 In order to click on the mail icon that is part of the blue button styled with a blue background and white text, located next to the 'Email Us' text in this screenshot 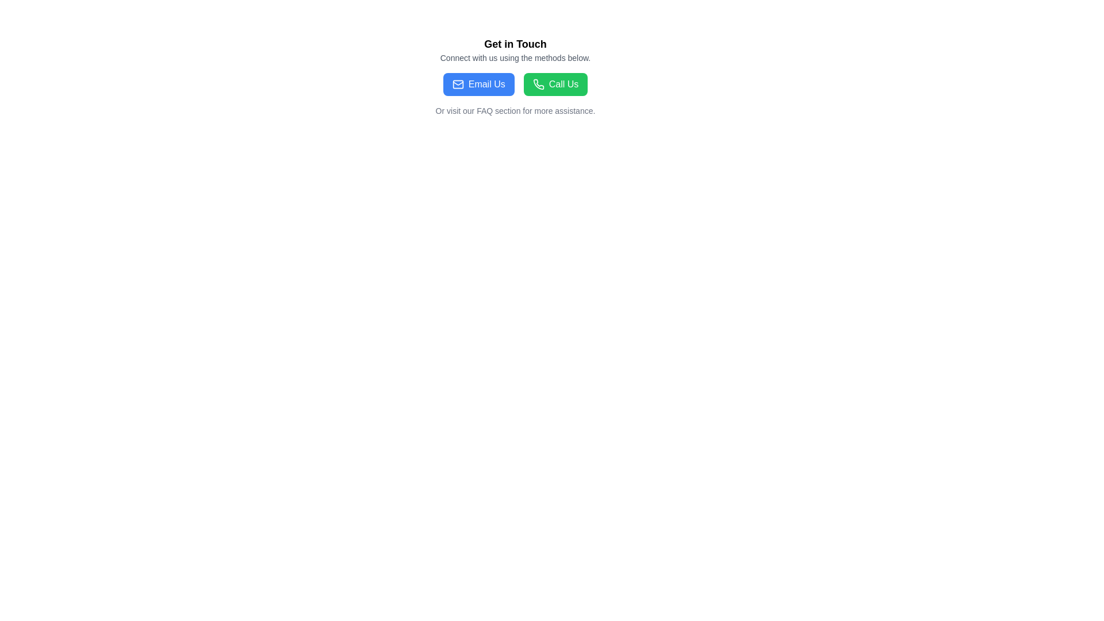, I will do `click(457, 83)`.